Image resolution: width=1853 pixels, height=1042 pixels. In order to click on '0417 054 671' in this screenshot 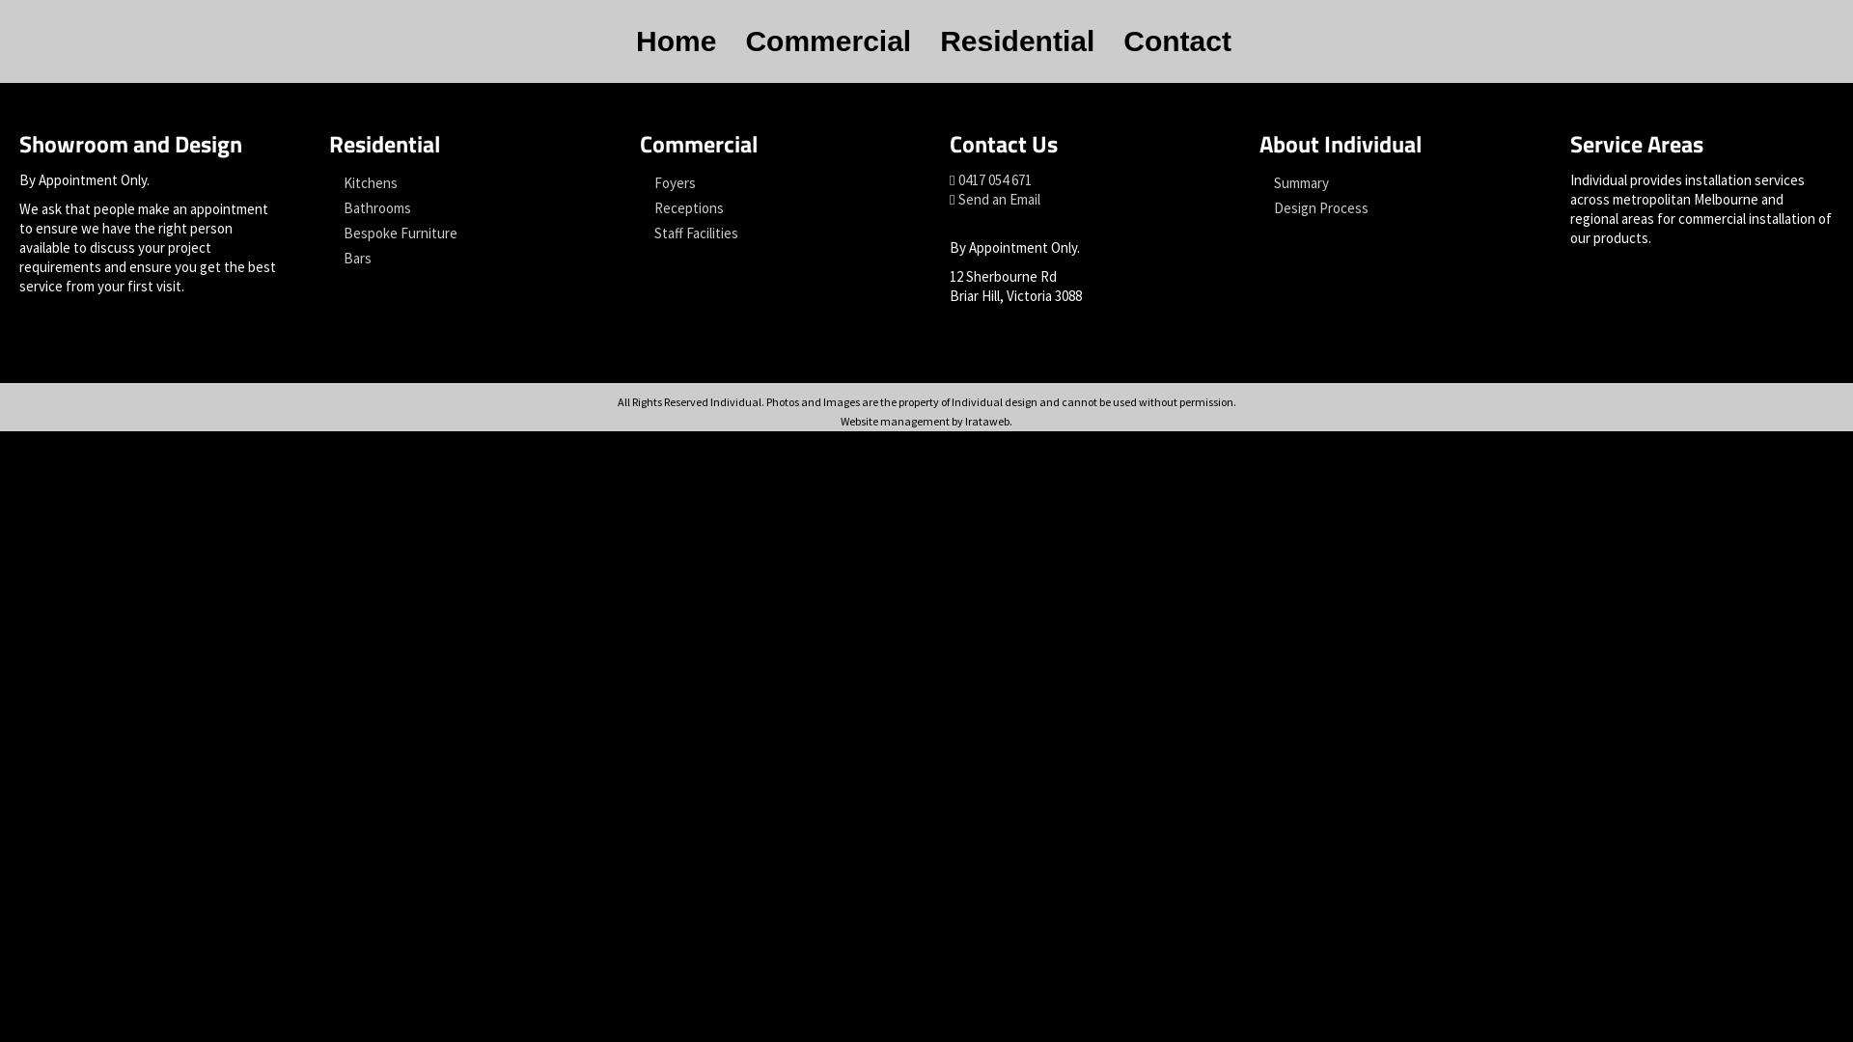, I will do `click(995, 179)`.